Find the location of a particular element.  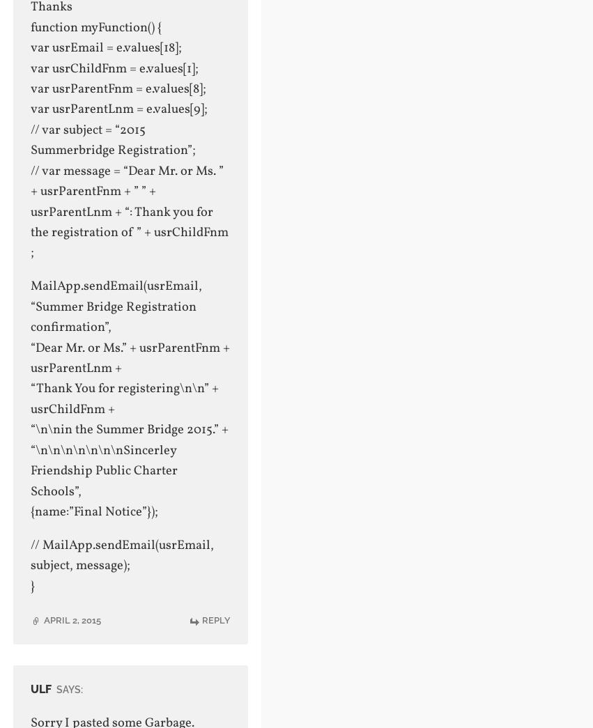

'{name:”Final Notice”});' is located at coordinates (93, 511).